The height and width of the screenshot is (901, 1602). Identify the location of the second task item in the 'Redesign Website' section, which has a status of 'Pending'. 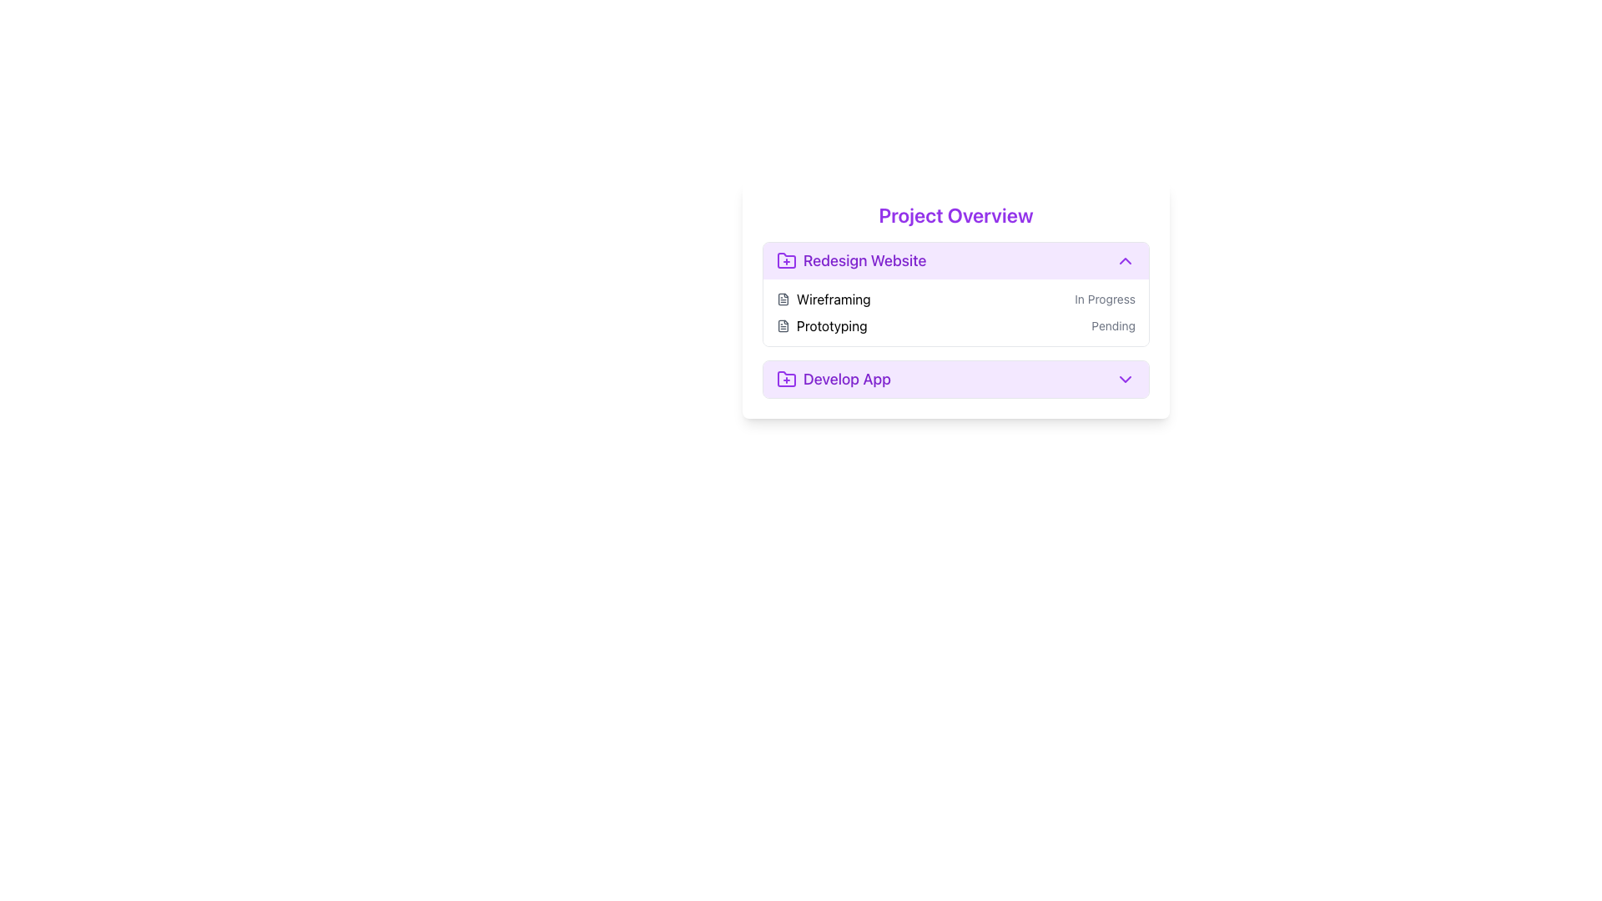
(956, 325).